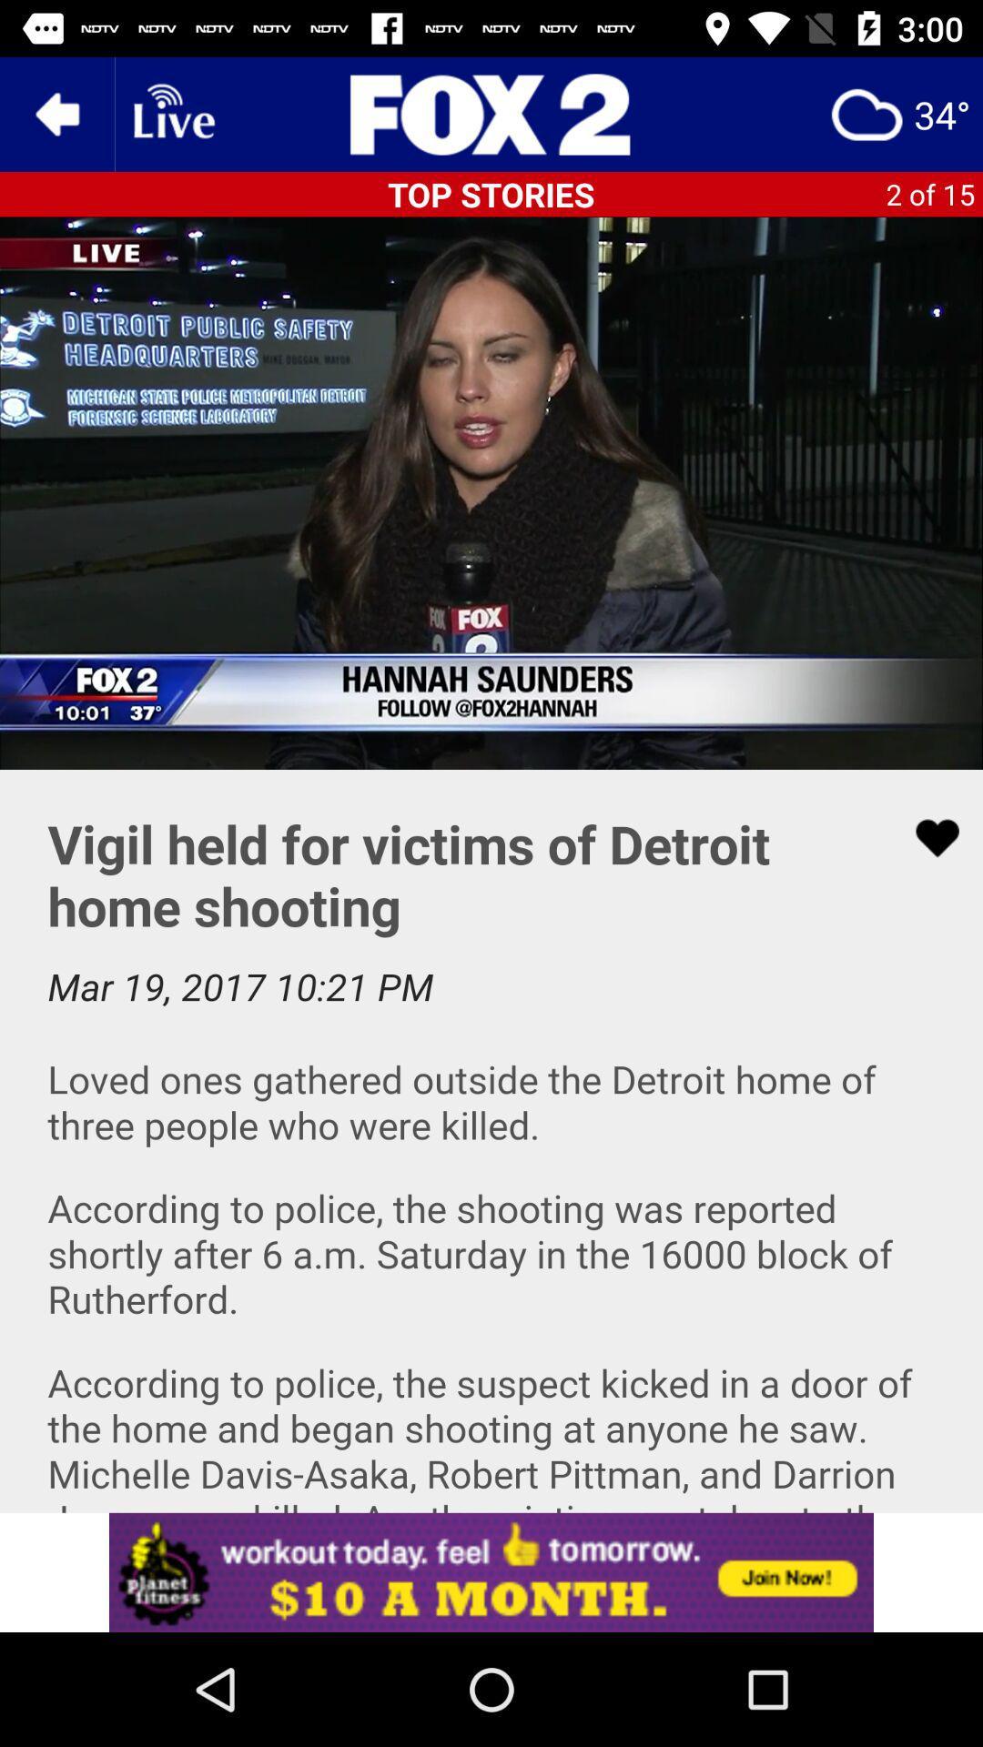  I want to click on displays current livestreams, so click(172, 113).